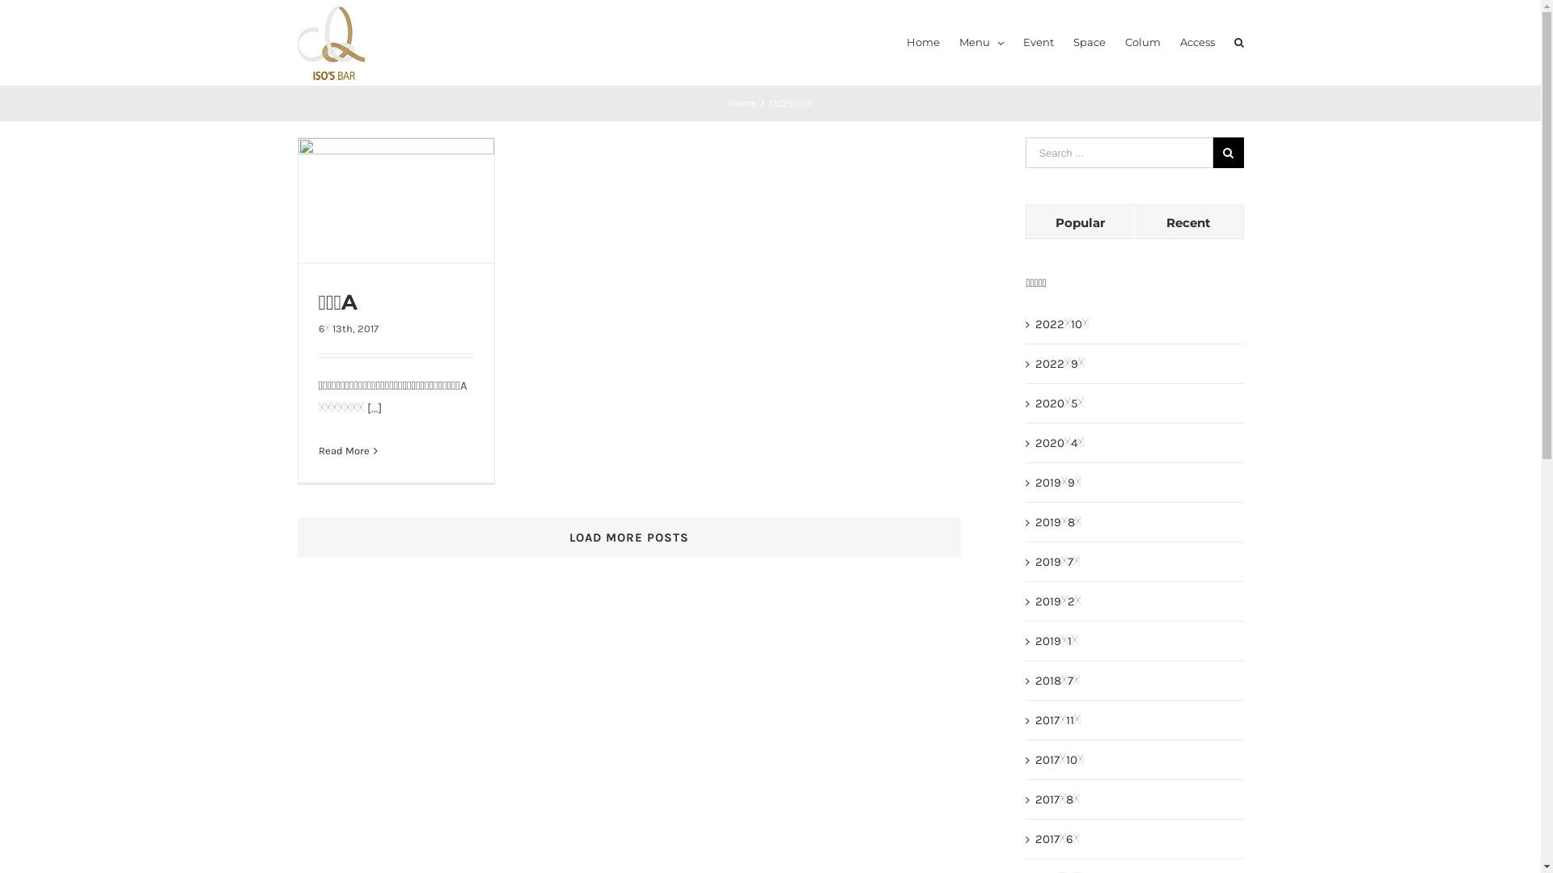 Image resolution: width=1553 pixels, height=873 pixels. Describe the element at coordinates (980, 40) in the screenshot. I see `'Menu'` at that location.